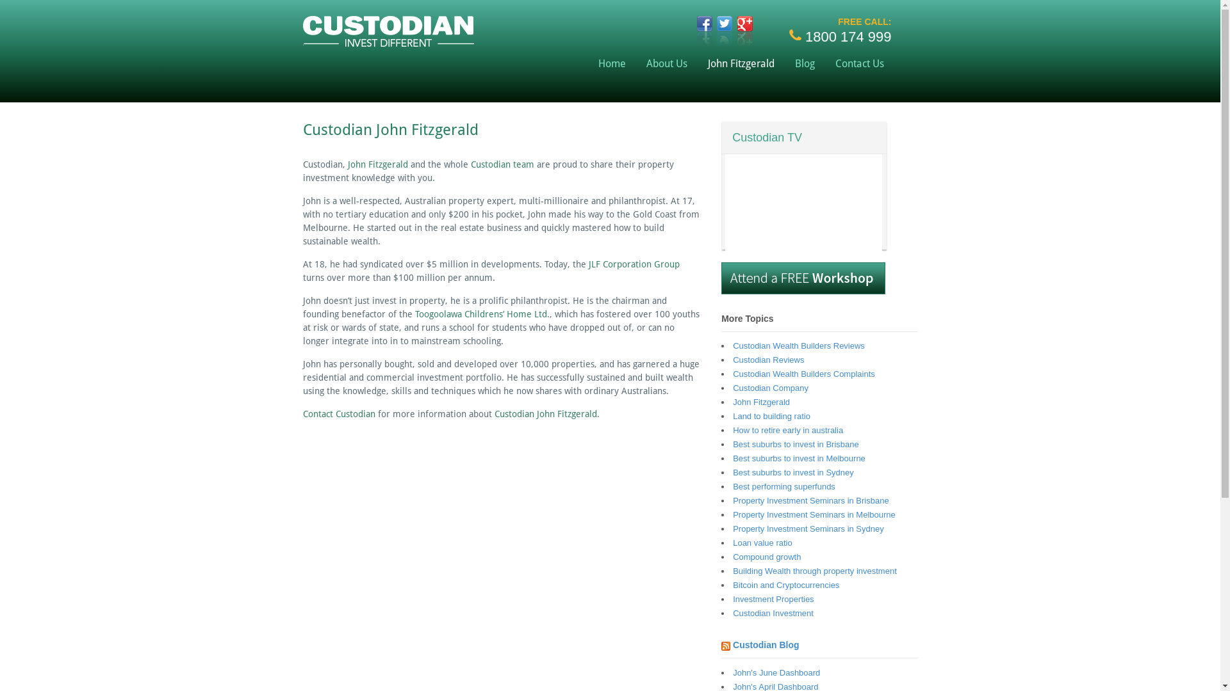  What do you see at coordinates (732, 599) in the screenshot?
I see `'Investment Properties'` at bounding box center [732, 599].